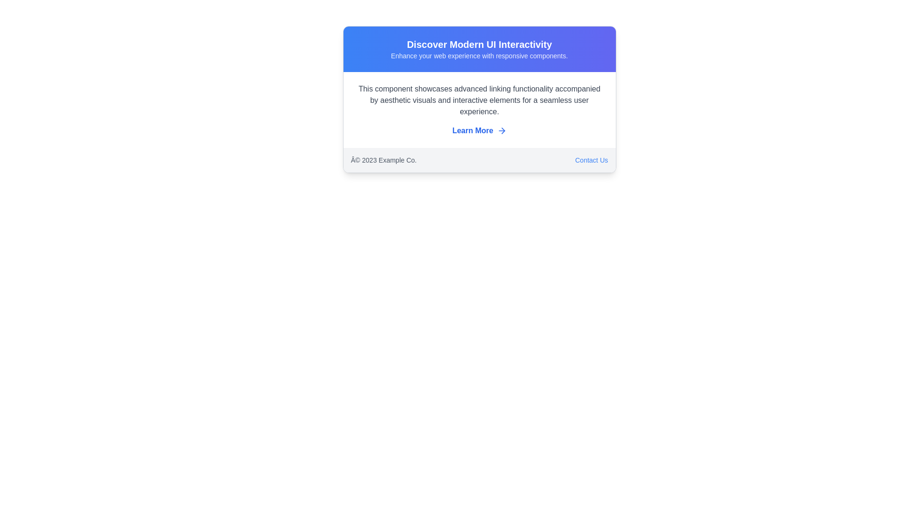  Describe the element at coordinates (479, 131) in the screenshot. I see `the 'Learn More' hyperlink, which is styled in blue font and located below descriptive text` at that location.